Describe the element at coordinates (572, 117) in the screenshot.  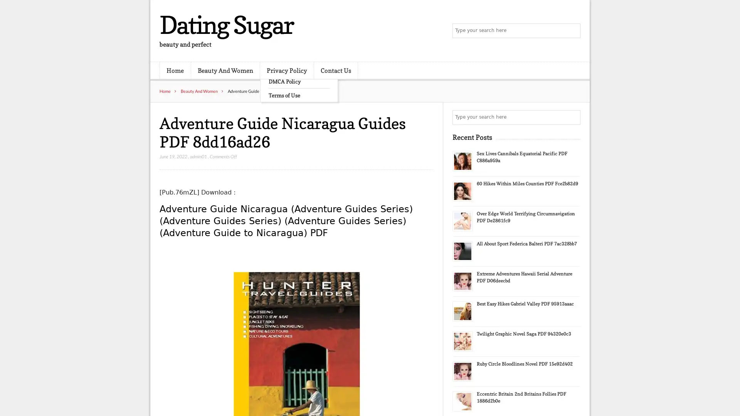
I see `Search` at that location.